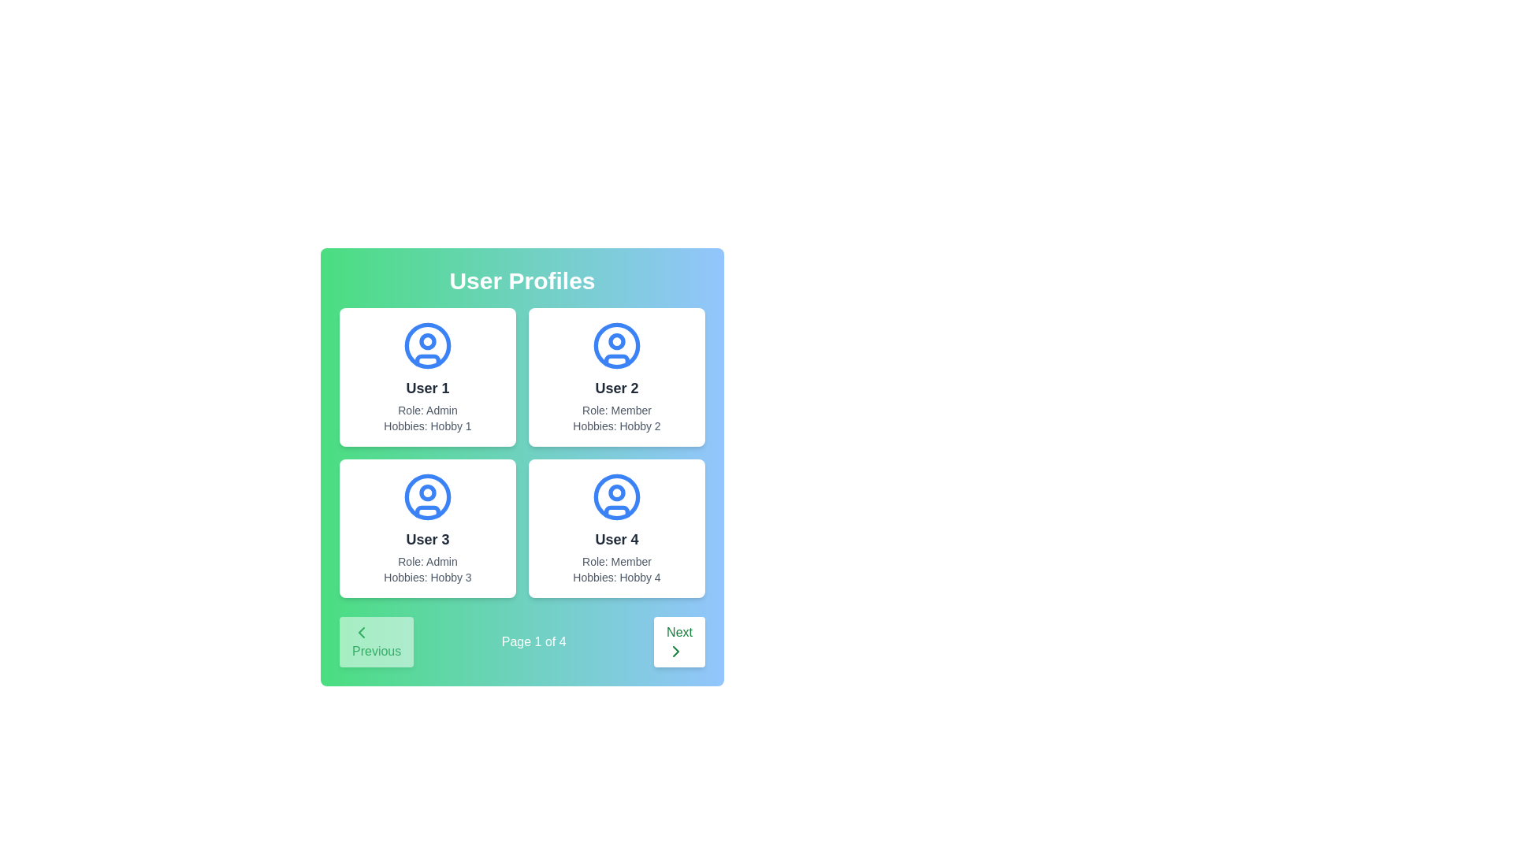 The height and width of the screenshot is (851, 1513). I want to click on the user profile icon, which is a blue circle with a head and shoulders design, located at the top of the 'User 1' tile in the 'User Profiles' section, so click(427, 345).